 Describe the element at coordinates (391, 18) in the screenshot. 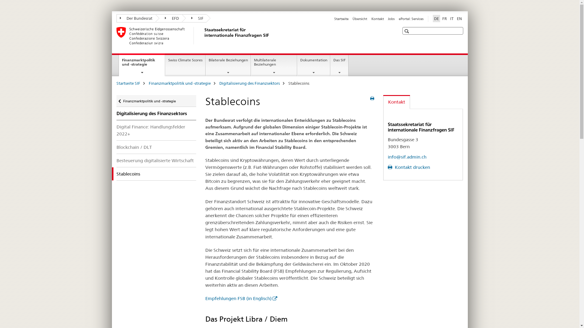

I see `'Jobs'` at that location.